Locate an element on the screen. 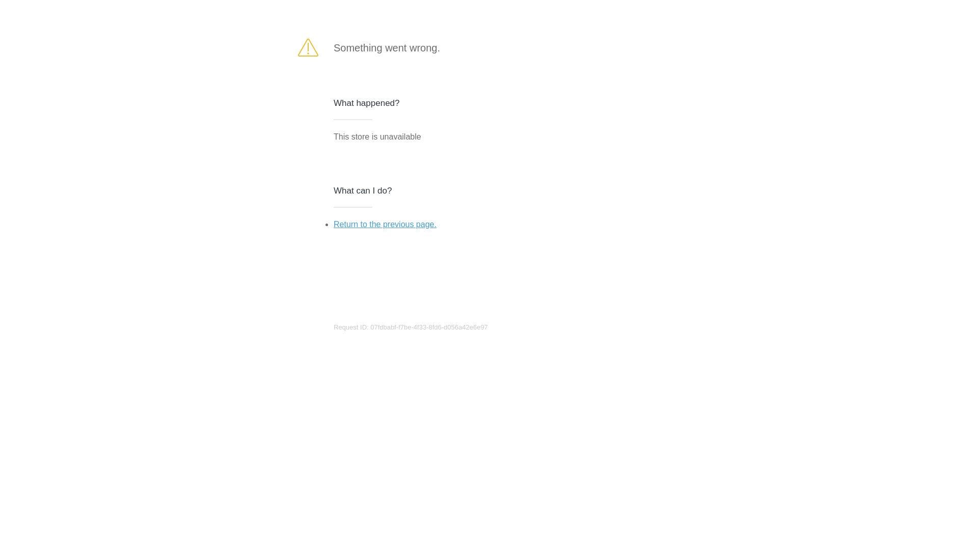 The height and width of the screenshot is (550, 978). 'Return to the previous page.' is located at coordinates (384, 224).